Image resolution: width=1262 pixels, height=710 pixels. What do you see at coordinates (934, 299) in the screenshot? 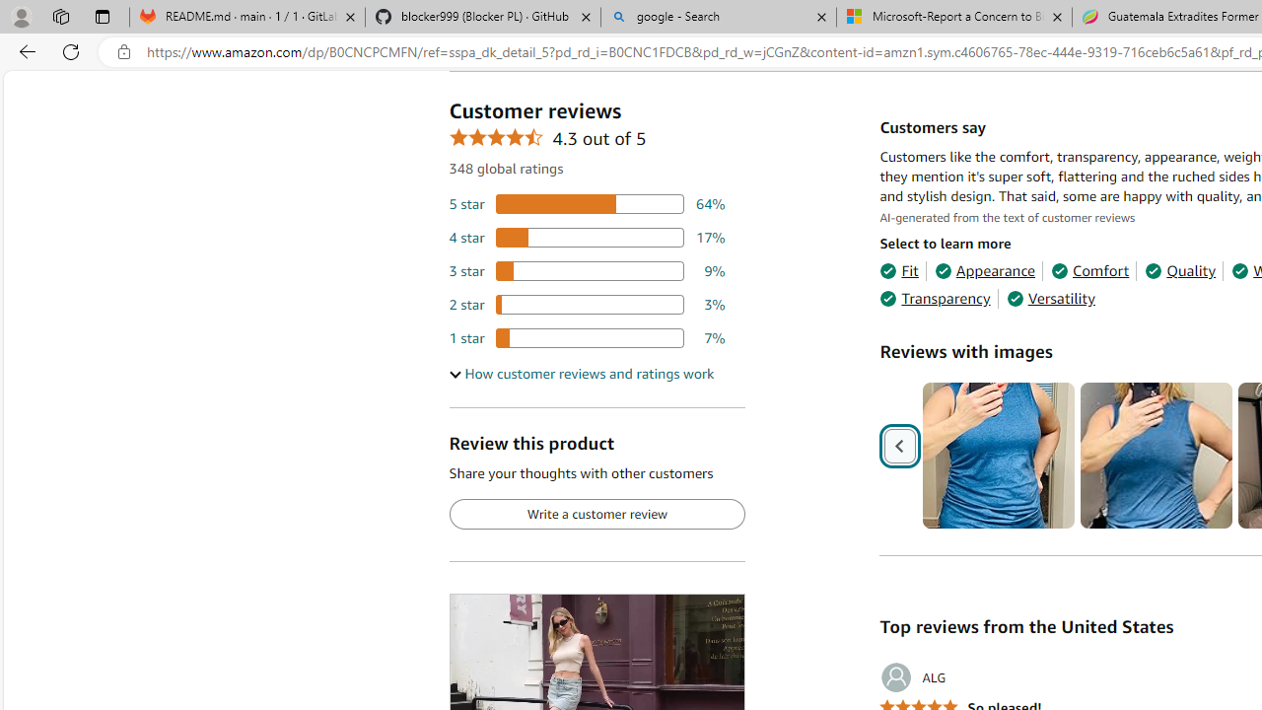
I see `'Transparency'` at bounding box center [934, 299].